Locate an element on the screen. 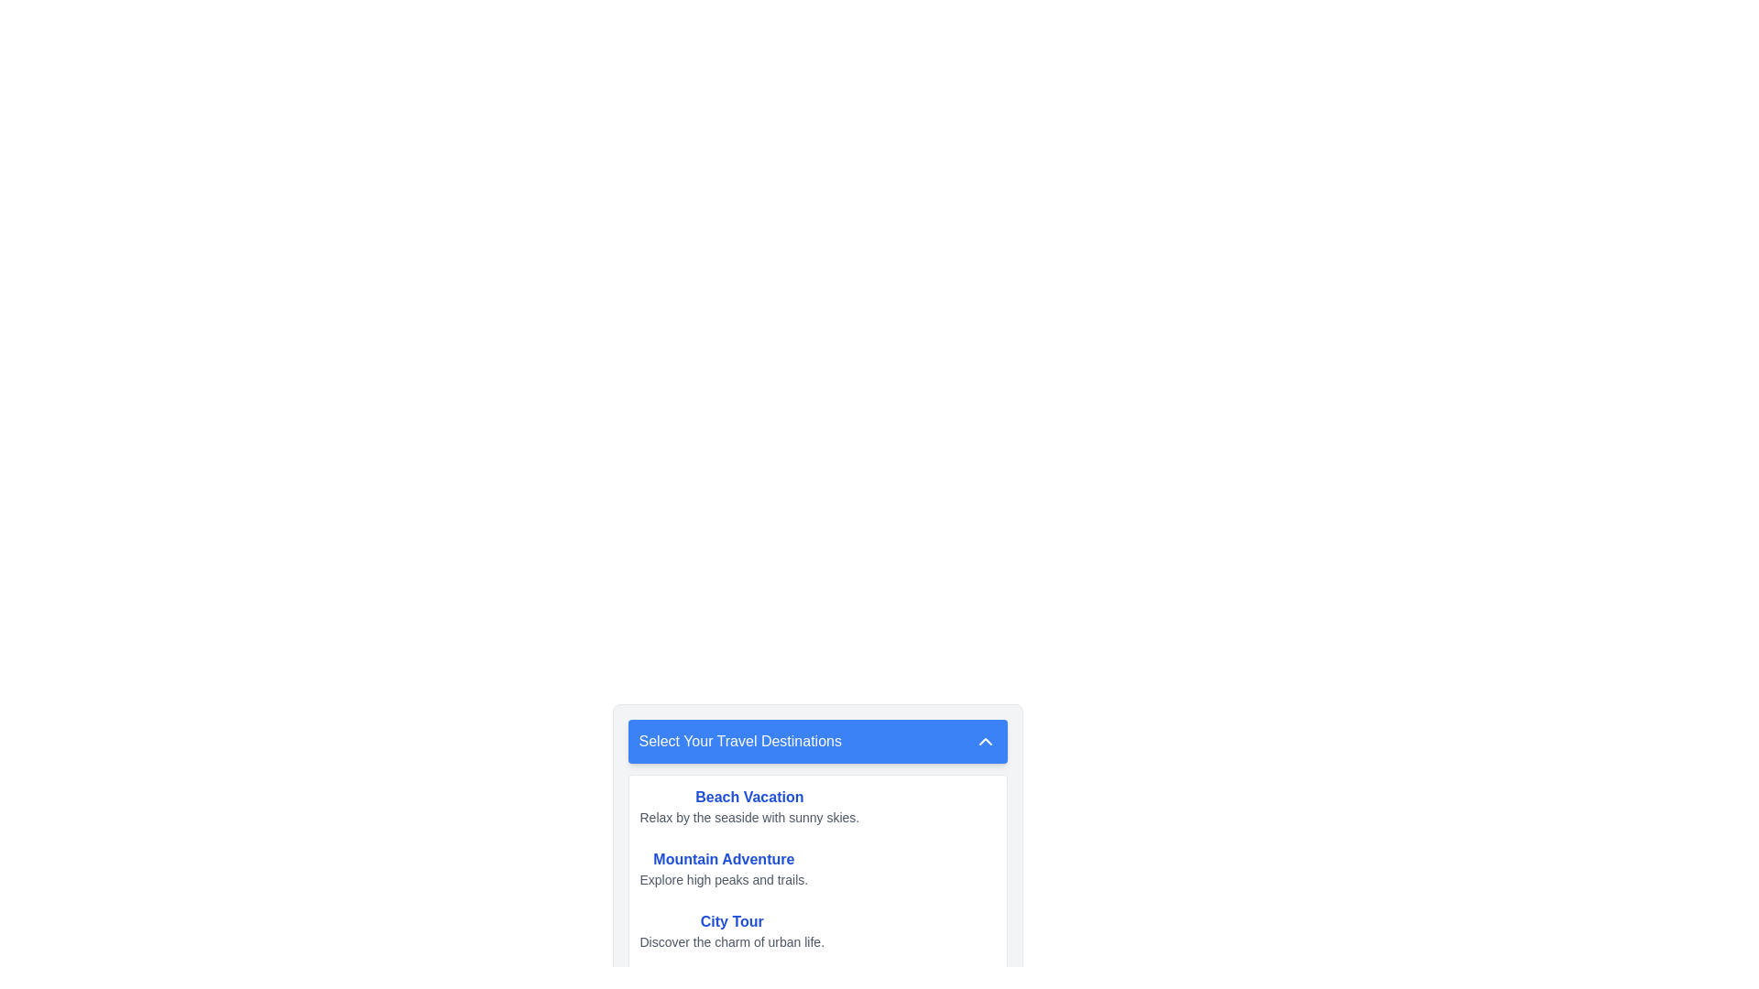  the descriptive subtitle text located below the 'City Tour' title in the travel options group is located at coordinates (731, 942).